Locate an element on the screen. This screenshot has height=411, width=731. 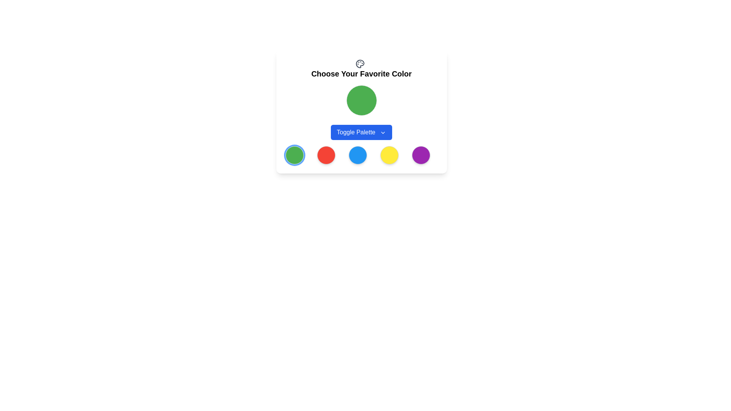
the bold and large text label displaying 'Choose Your Favorite Color' located at the top-center of the interactive card interface is located at coordinates (361, 73).